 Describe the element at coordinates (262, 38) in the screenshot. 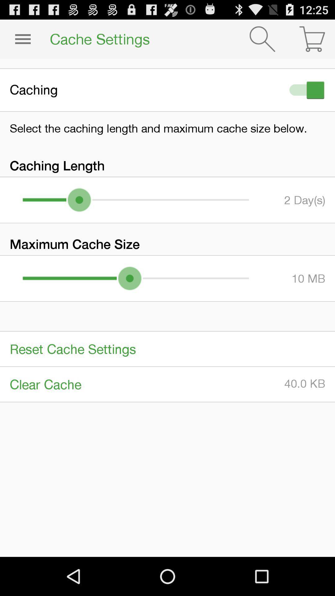

I see `search for something` at that location.